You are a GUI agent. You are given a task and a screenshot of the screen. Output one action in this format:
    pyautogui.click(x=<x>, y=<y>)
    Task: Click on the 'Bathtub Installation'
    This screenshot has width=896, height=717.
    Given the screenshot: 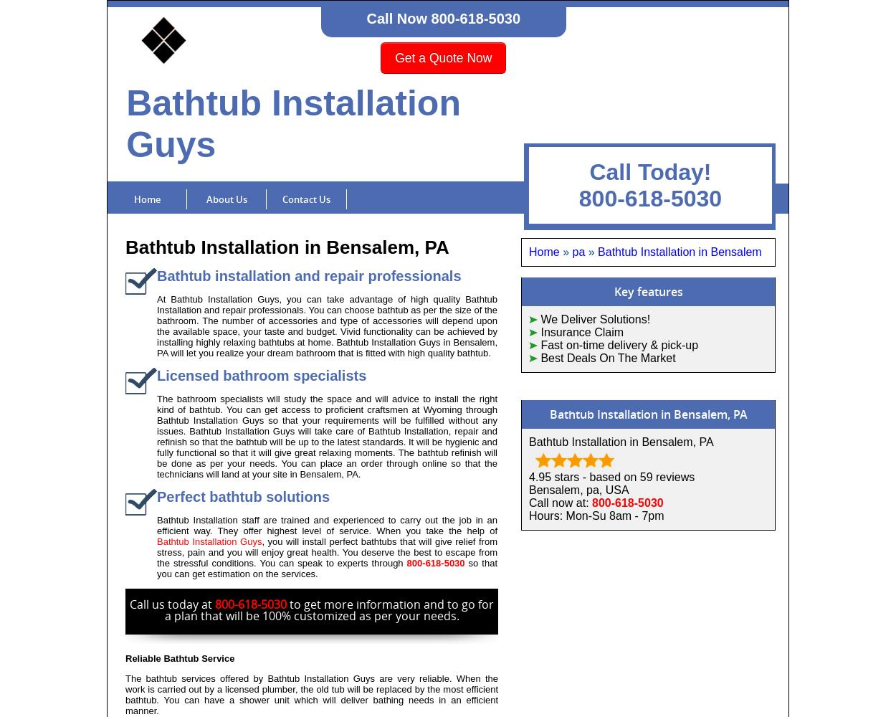 What is the action you would take?
    pyautogui.click(x=503, y=679)
    